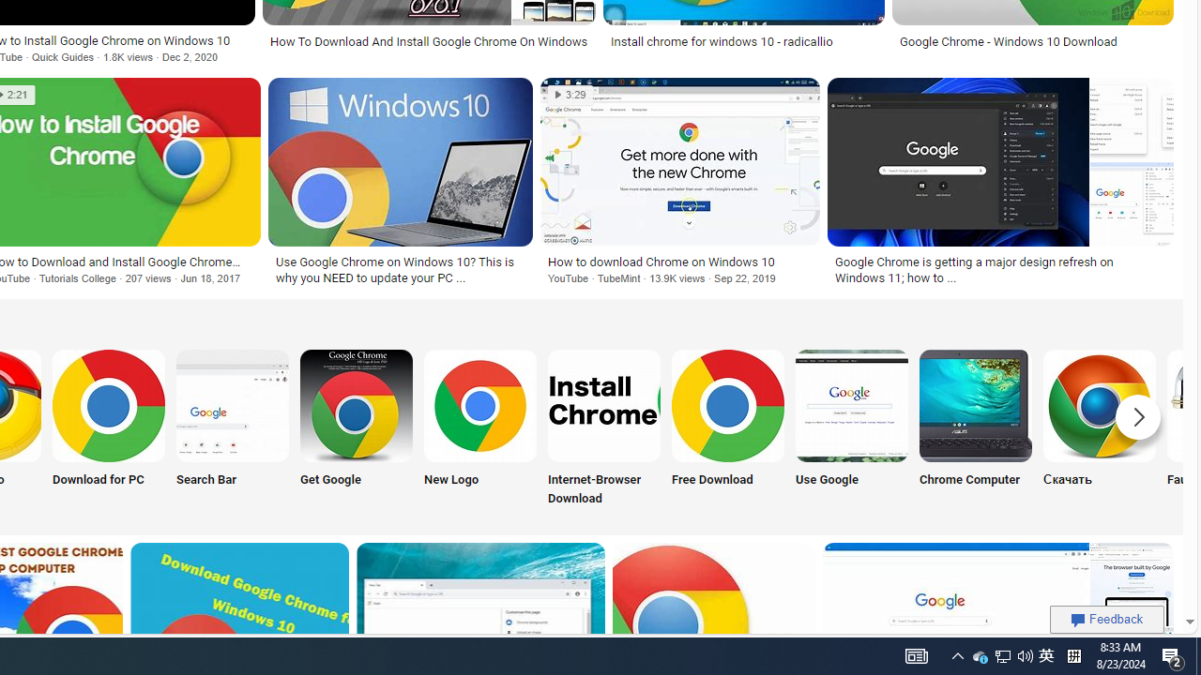 The image size is (1201, 675). What do you see at coordinates (357, 429) in the screenshot?
I see `'Get Google Chrome Get Google'` at bounding box center [357, 429].